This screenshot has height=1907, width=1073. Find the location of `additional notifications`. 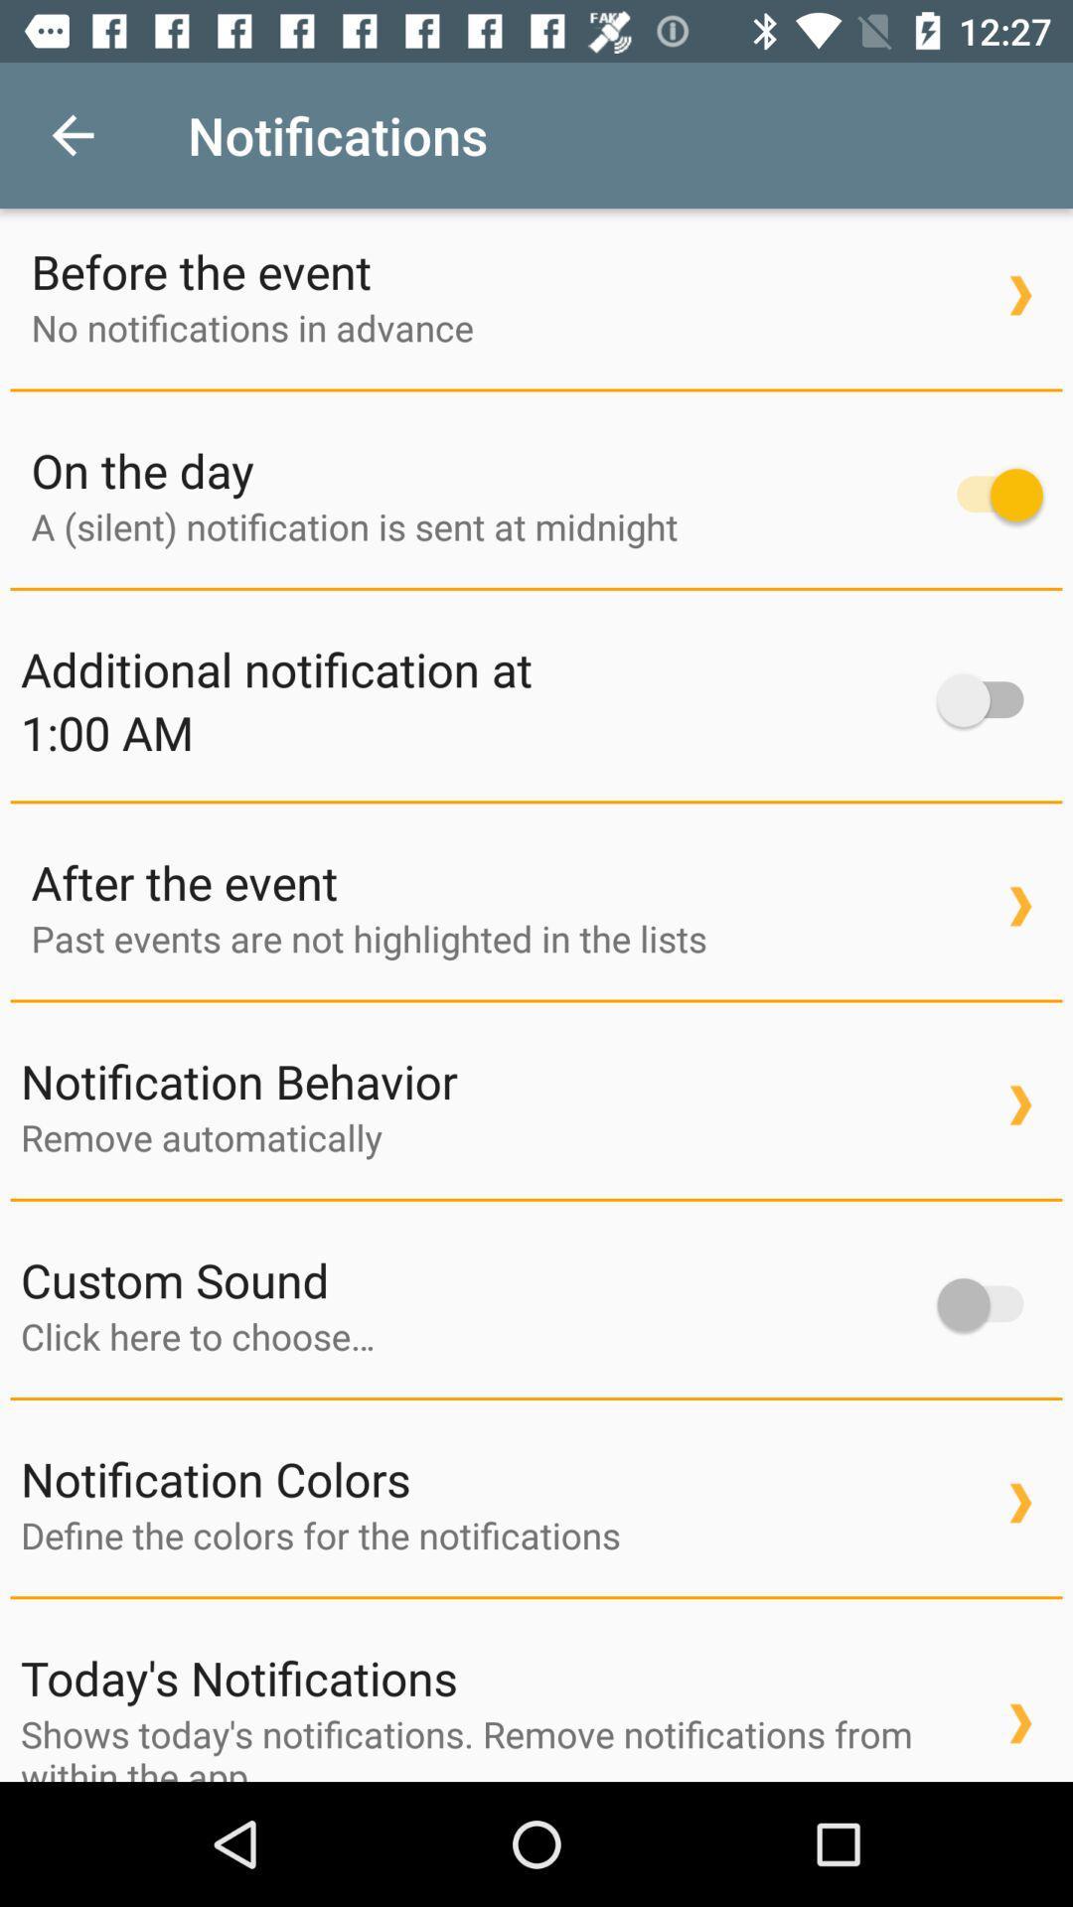

additional notifications is located at coordinates (990, 700).